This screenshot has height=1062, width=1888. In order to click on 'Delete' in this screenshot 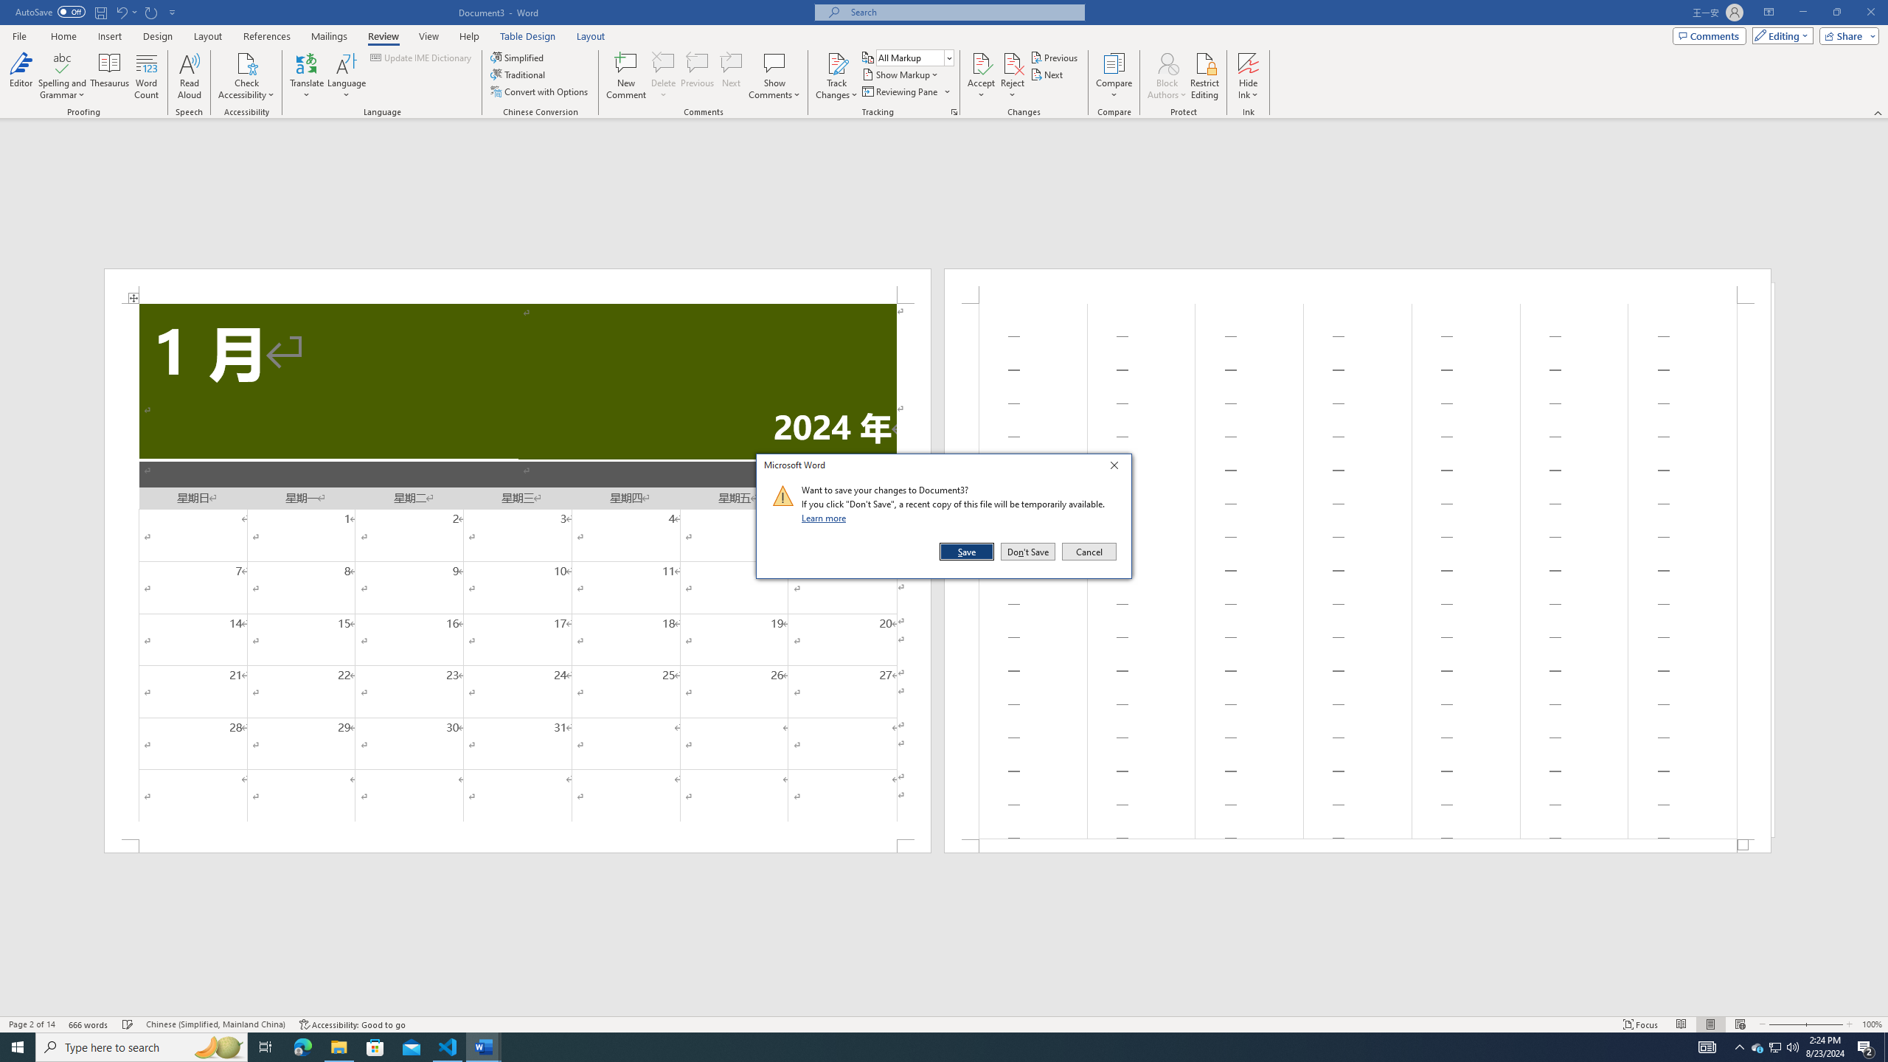, I will do `click(662, 62)`.